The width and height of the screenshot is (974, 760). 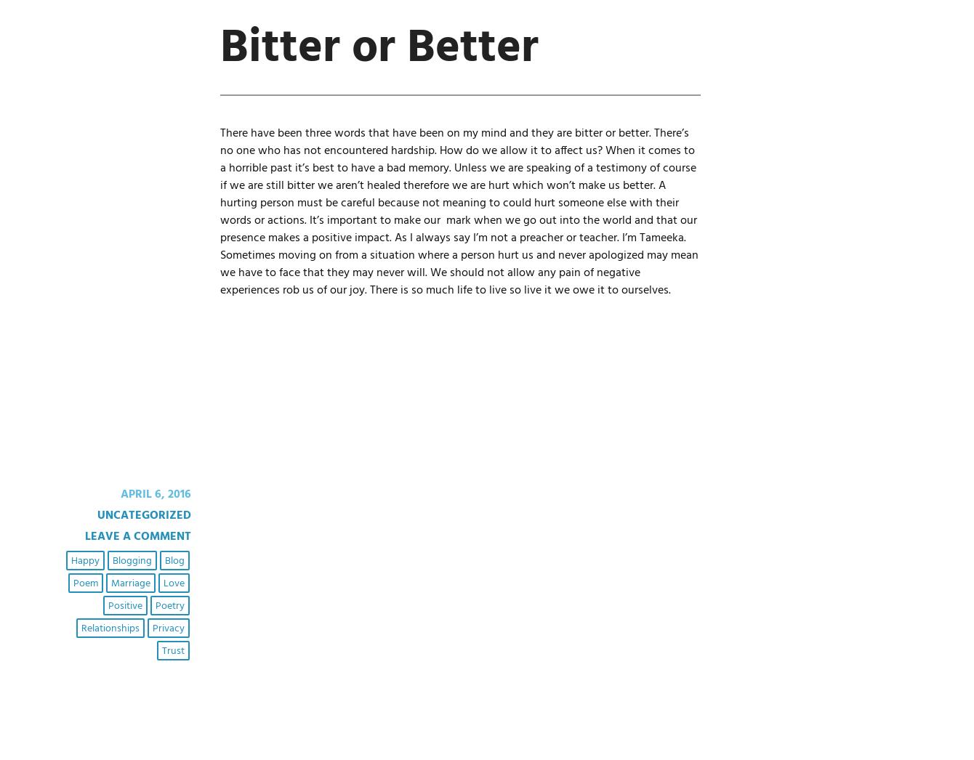 I want to click on 'love', so click(x=162, y=583).